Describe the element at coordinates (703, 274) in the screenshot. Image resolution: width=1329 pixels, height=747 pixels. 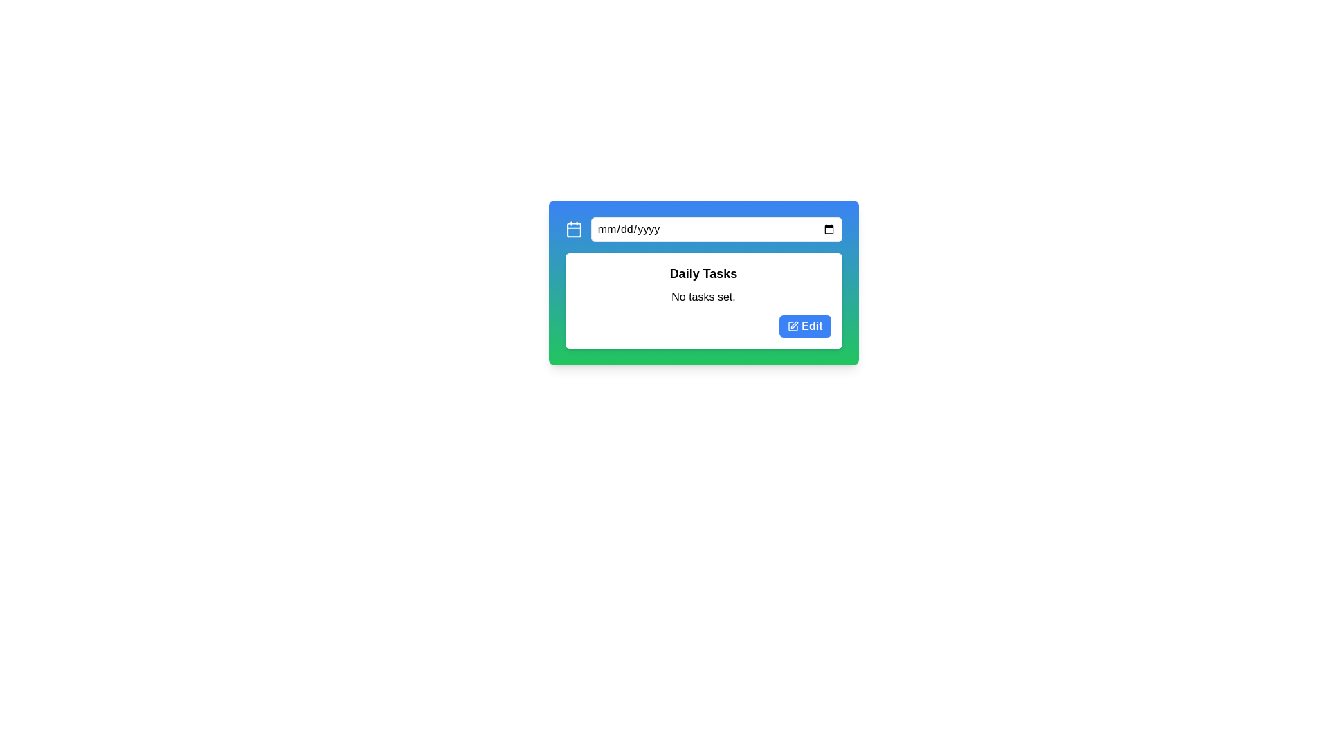
I see `the Text Label serving as a header for the daily task information section to focus on it` at that location.